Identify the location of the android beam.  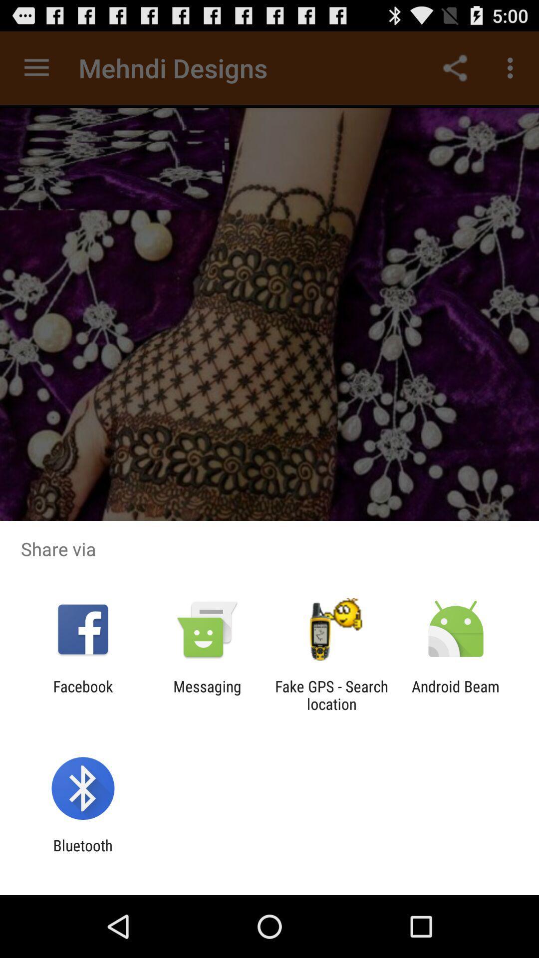
(456, 695).